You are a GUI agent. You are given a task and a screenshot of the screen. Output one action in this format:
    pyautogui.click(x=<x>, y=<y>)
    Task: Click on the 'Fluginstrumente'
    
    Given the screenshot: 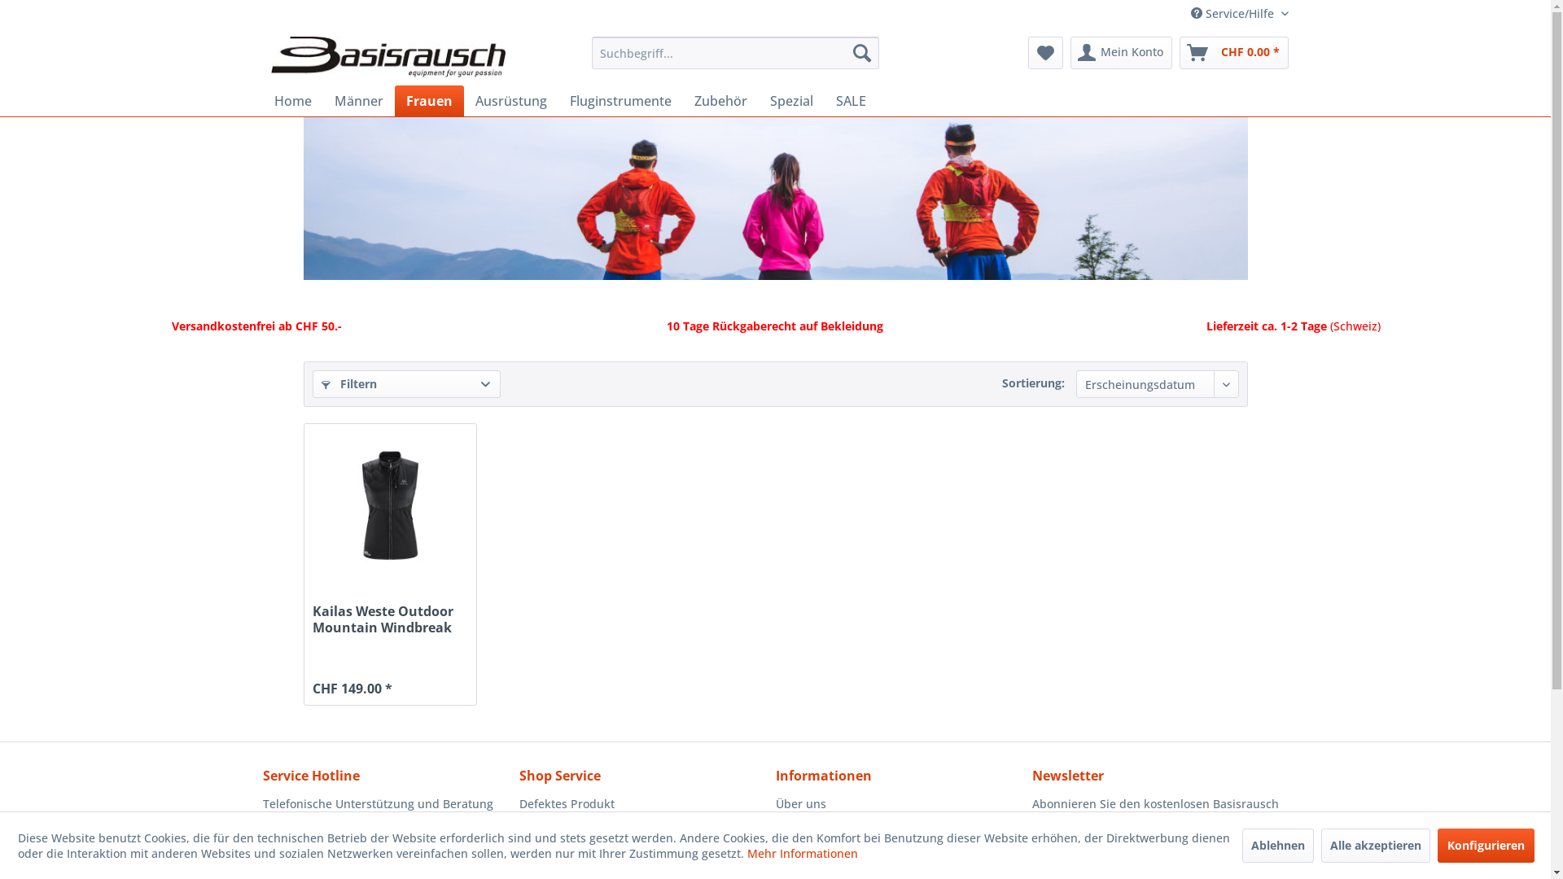 What is the action you would take?
    pyautogui.click(x=620, y=100)
    